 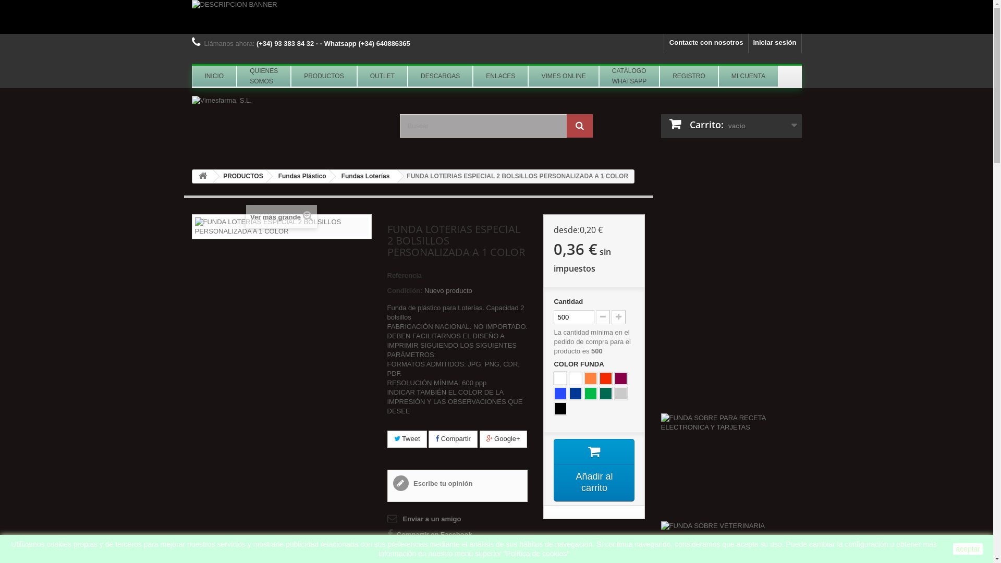 What do you see at coordinates (500, 76) in the screenshot?
I see `'ENLACES'` at bounding box center [500, 76].